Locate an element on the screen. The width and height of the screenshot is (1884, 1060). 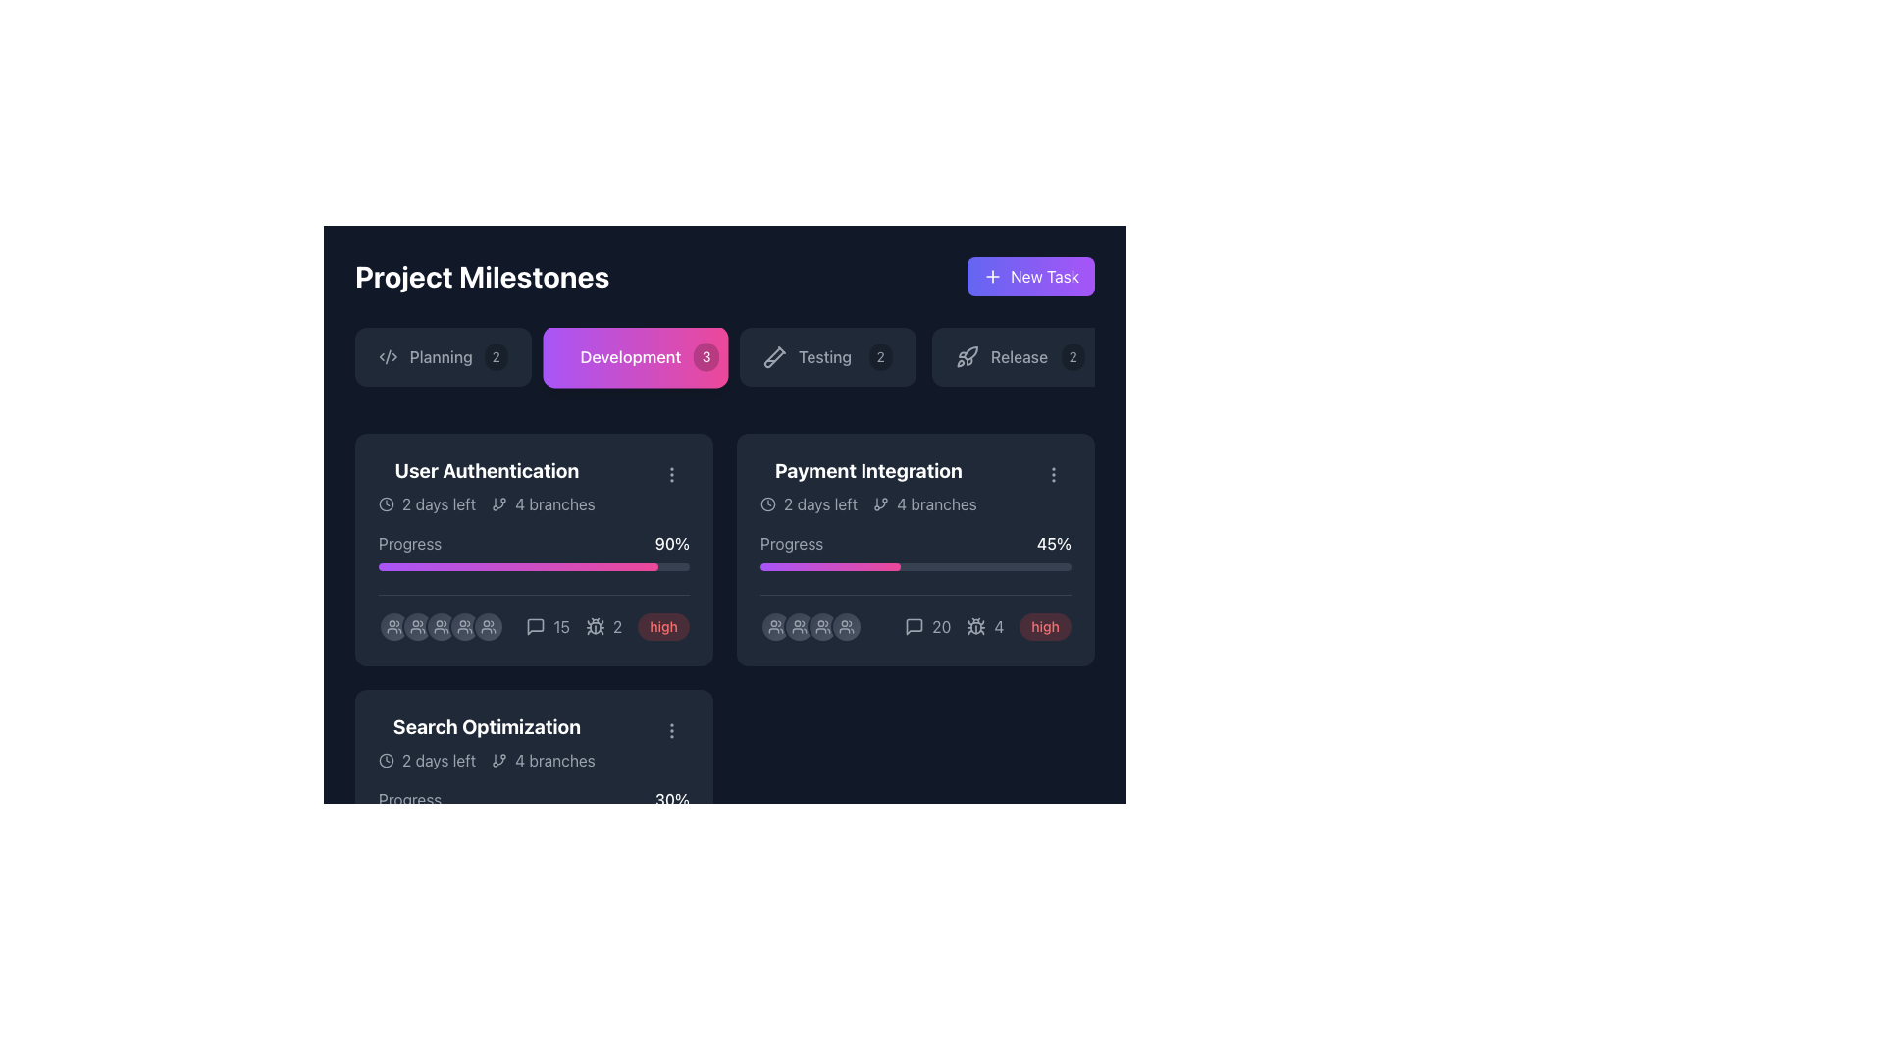
the 'Testing' section label within the navigation button, which is the third button in the sequence of 'Planning', 'Development', and 'Release' is located at coordinates (825, 356).